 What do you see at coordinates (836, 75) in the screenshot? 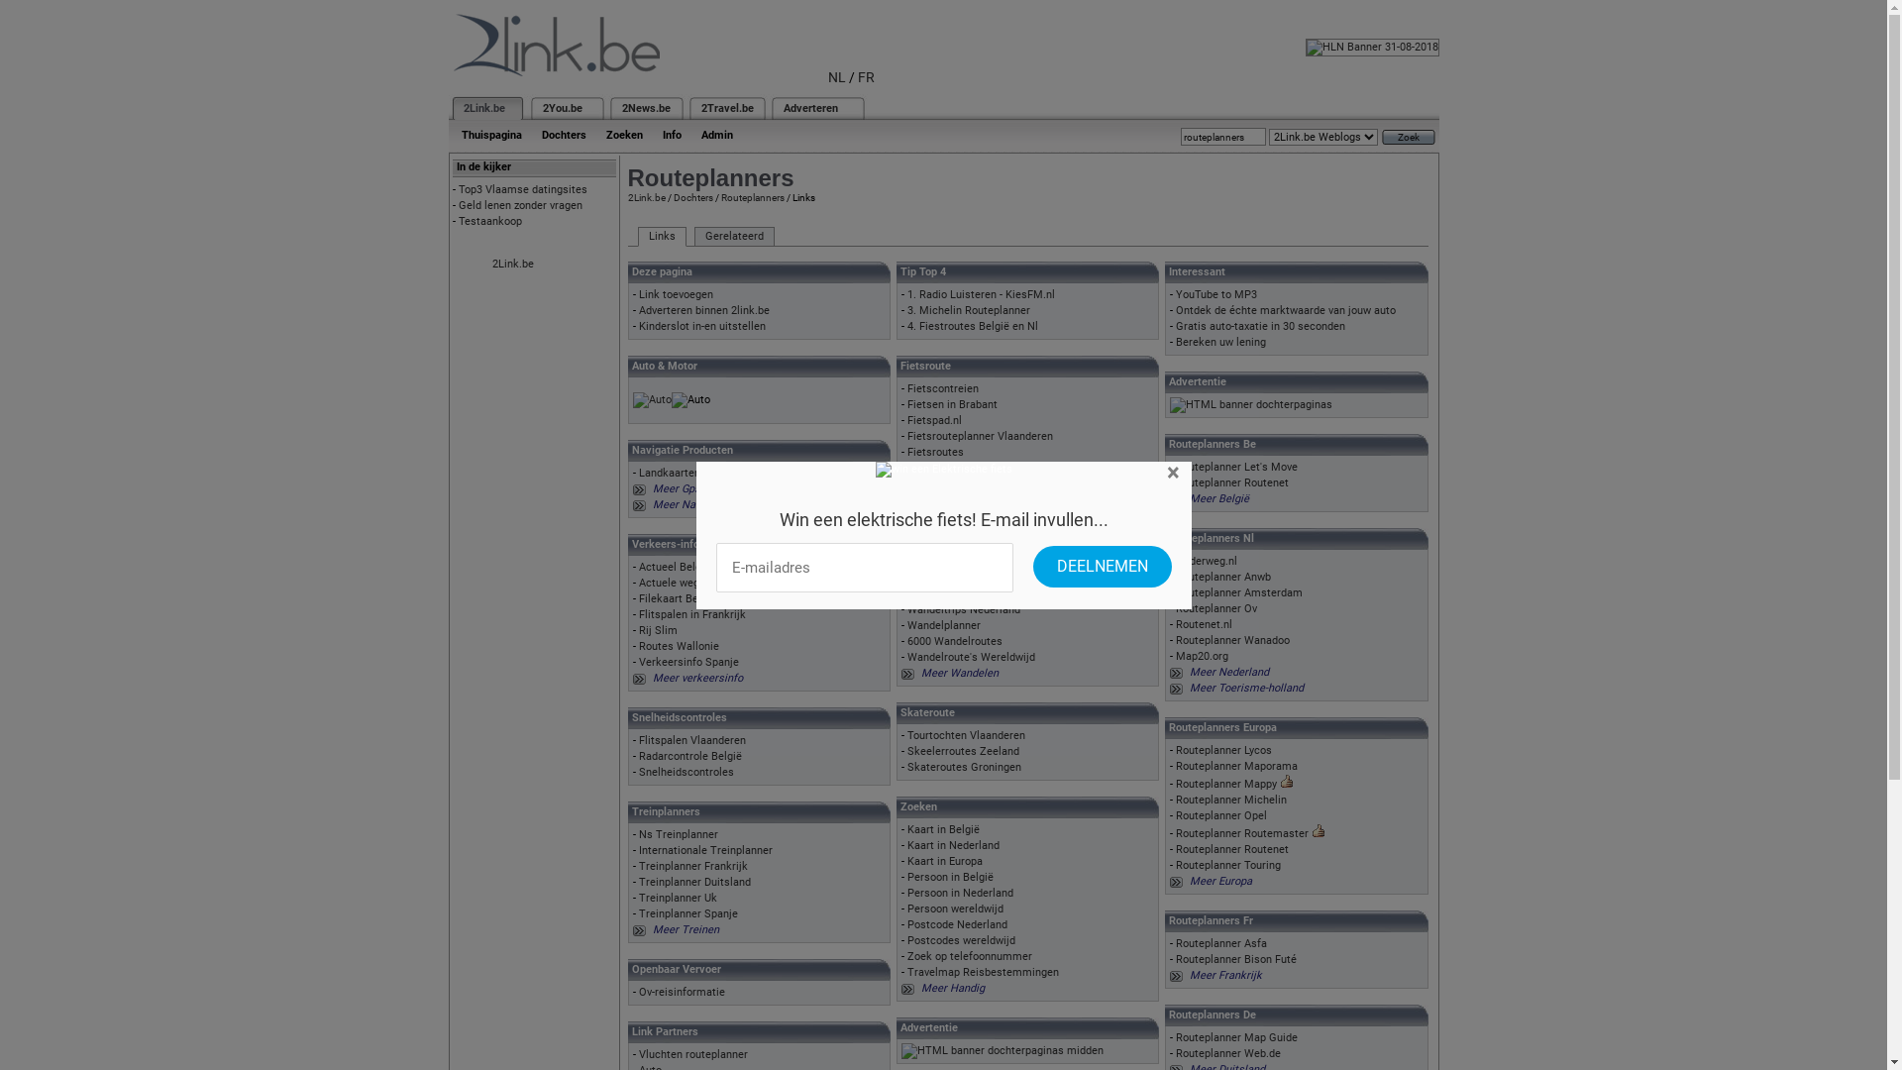
I see `'NL'` at bounding box center [836, 75].